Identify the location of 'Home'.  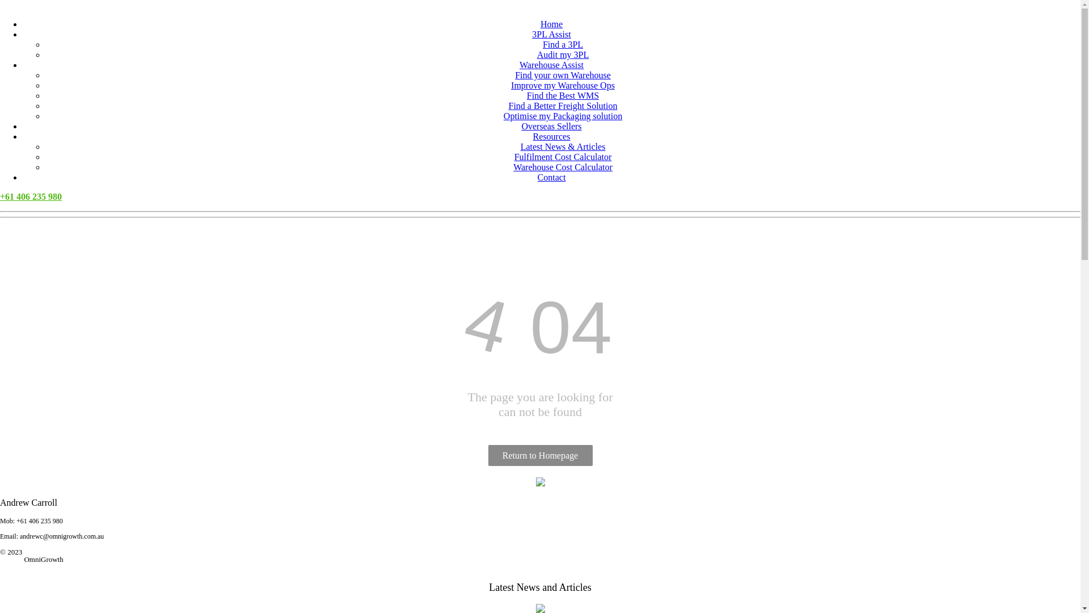
(551, 24).